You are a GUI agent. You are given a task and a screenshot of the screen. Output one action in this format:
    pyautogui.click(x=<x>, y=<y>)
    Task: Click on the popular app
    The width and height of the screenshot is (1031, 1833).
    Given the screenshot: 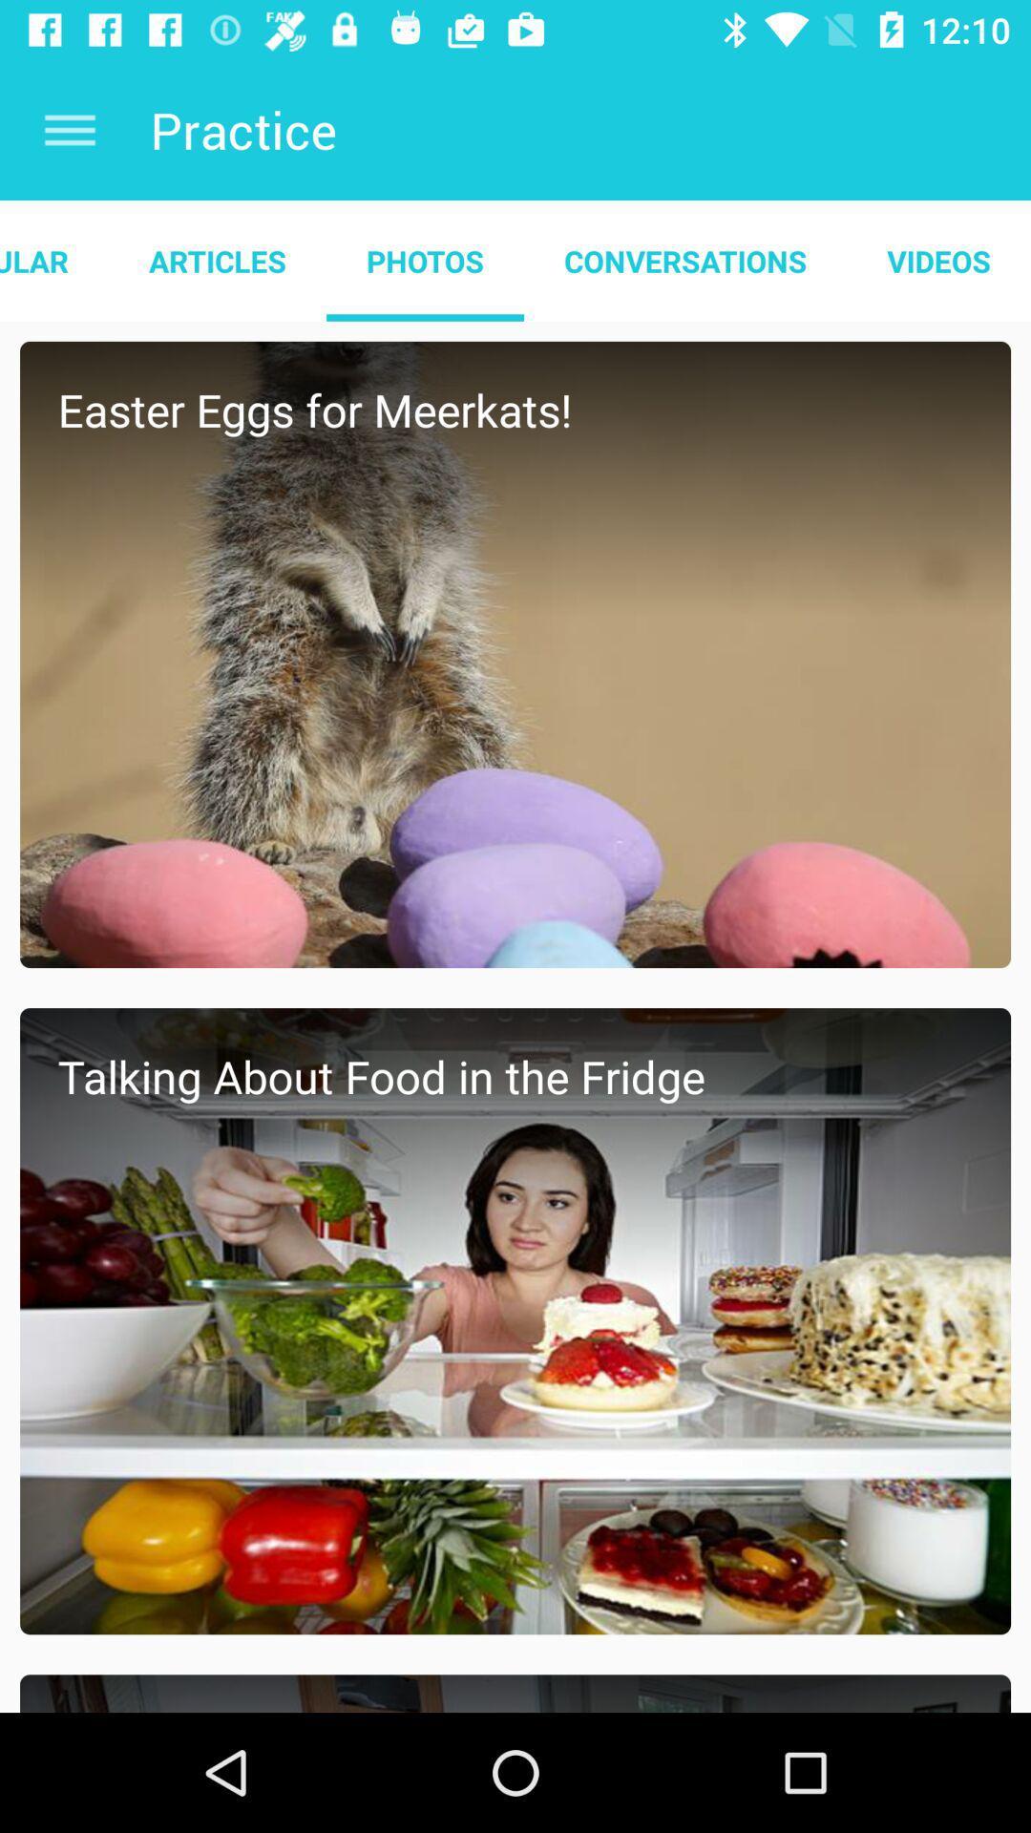 What is the action you would take?
    pyautogui.click(x=53, y=260)
    